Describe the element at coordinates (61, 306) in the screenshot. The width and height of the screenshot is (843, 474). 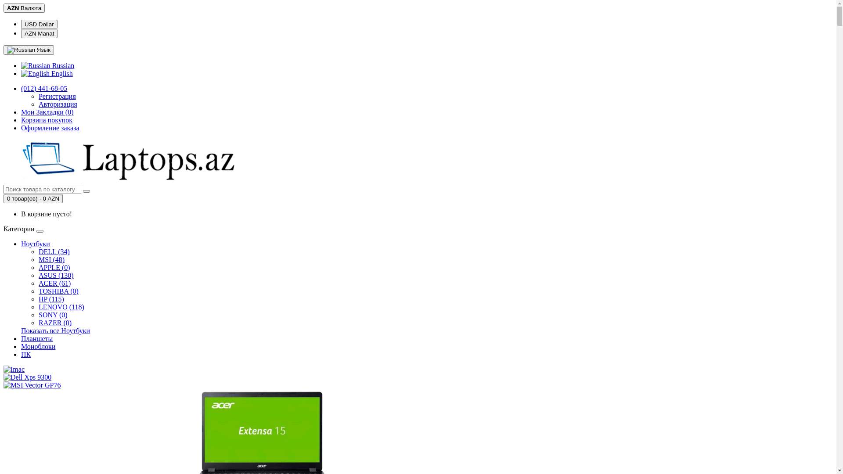
I see `'LENOVO (118)'` at that location.